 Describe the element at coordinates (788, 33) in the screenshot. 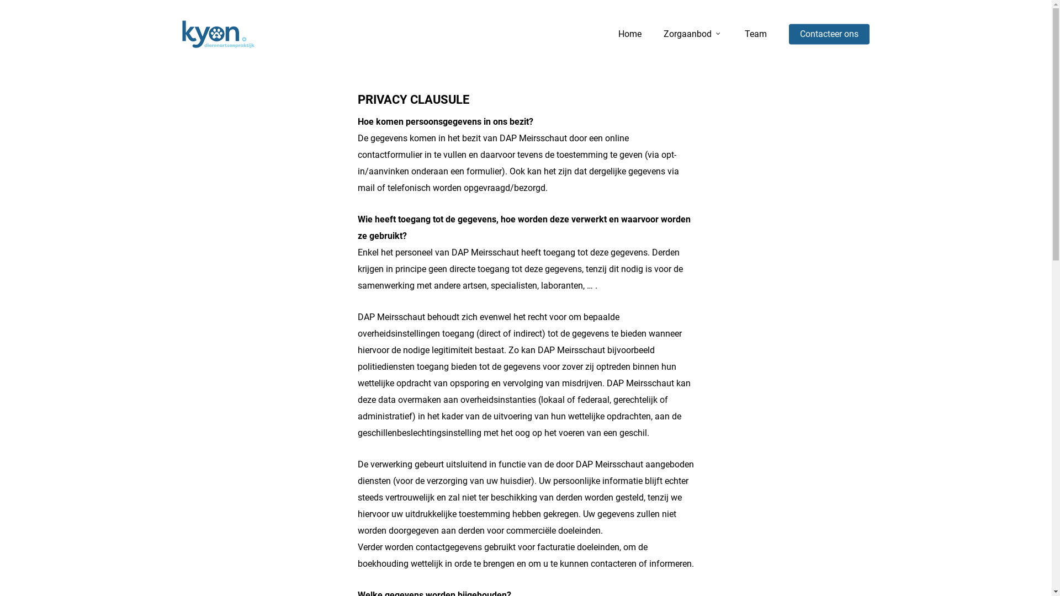

I see `'Contacteer ons'` at that location.